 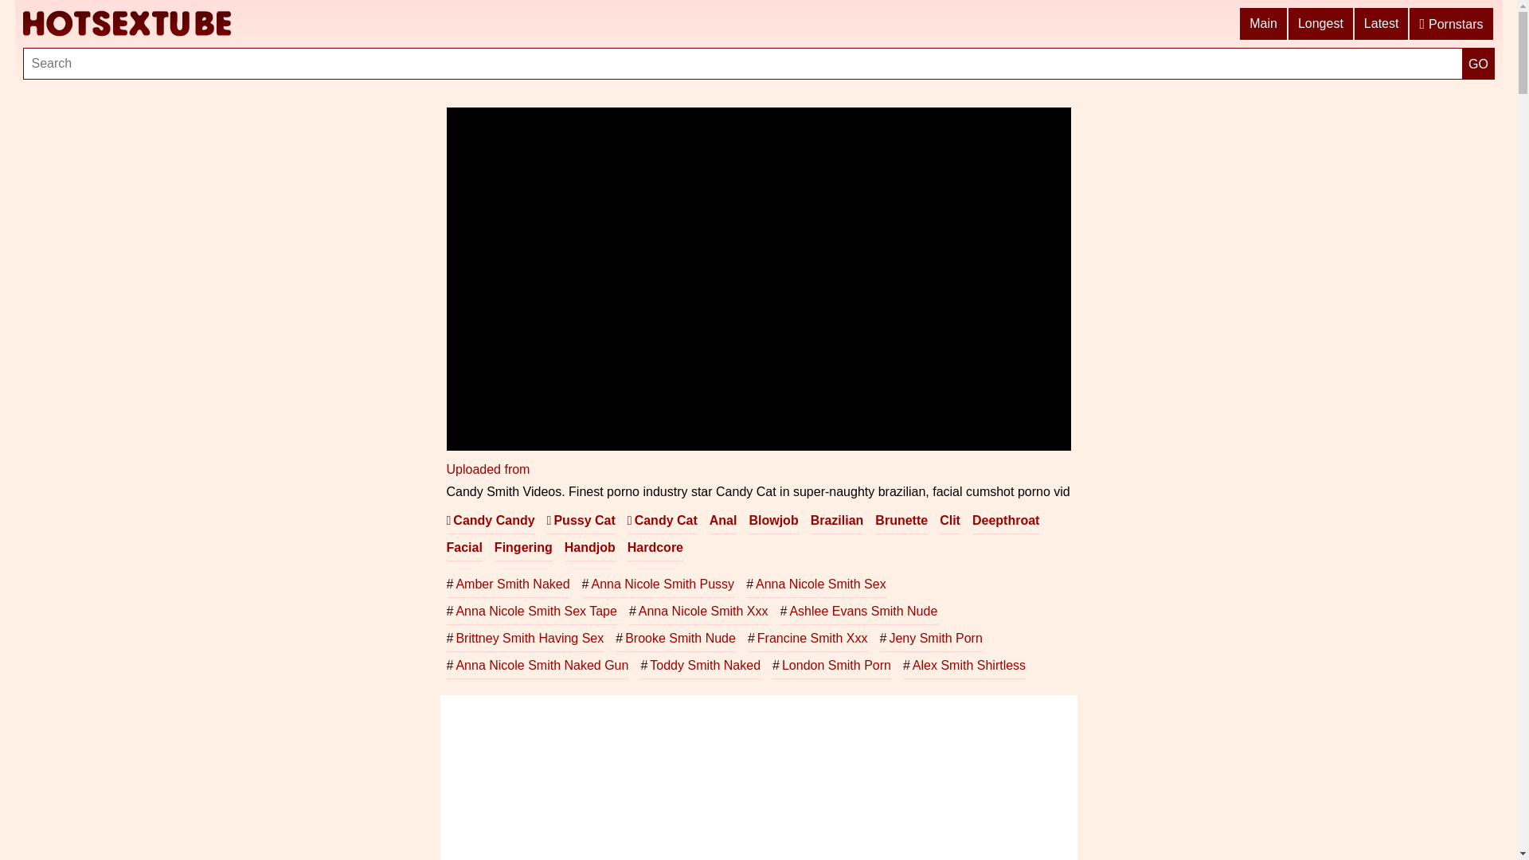 What do you see at coordinates (747, 638) in the screenshot?
I see `'Francine Smith Xxx'` at bounding box center [747, 638].